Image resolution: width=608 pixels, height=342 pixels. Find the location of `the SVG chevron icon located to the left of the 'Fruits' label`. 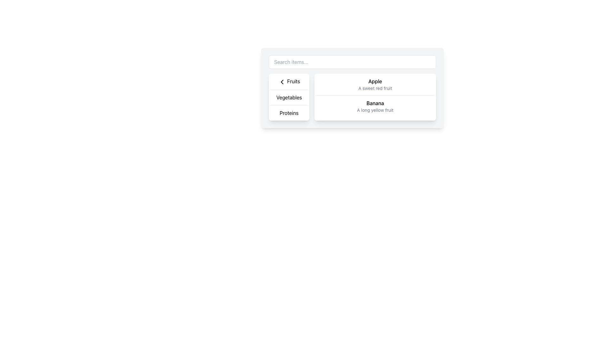

the SVG chevron icon located to the left of the 'Fruits' label is located at coordinates (282, 81).